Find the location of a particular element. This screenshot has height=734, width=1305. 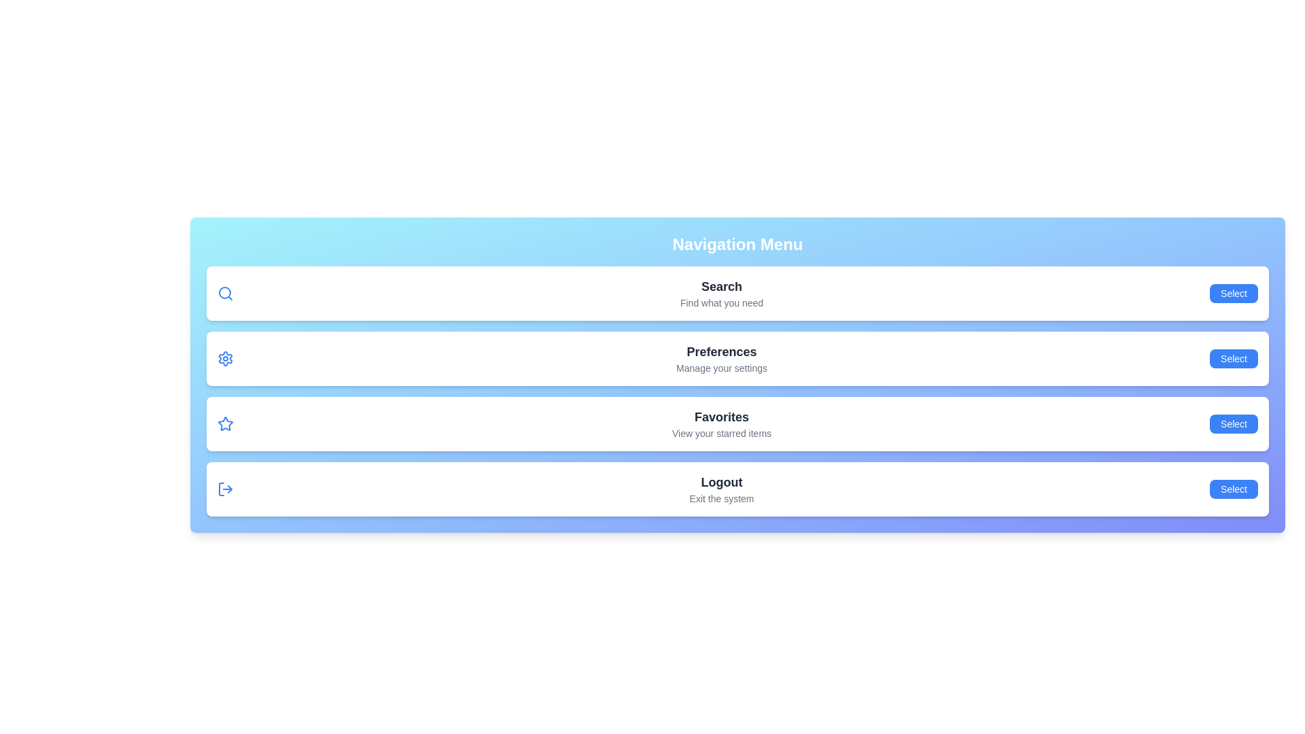

the navigation item Search is located at coordinates (1234, 293).